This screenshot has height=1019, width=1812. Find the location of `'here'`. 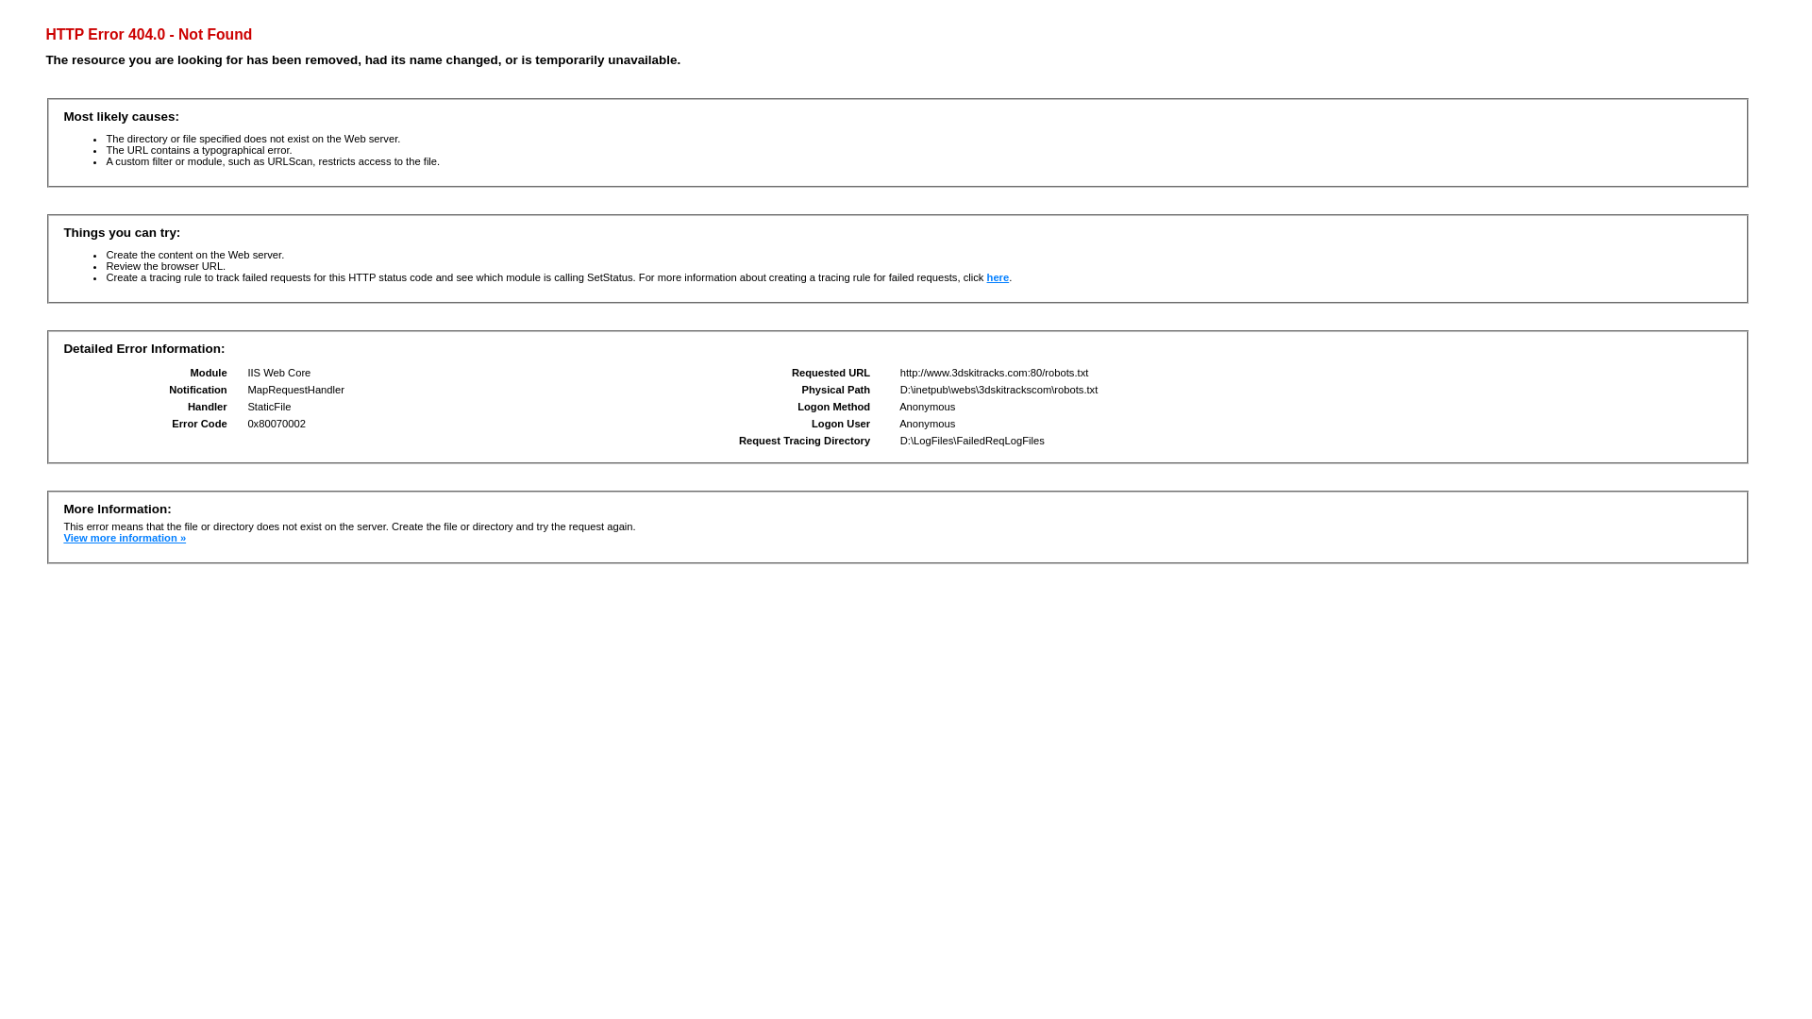

'here' is located at coordinates (986, 276).